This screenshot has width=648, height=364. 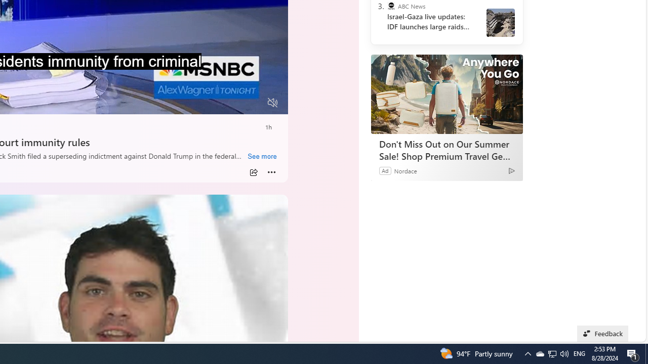 I want to click on 'See more', so click(x=262, y=156).